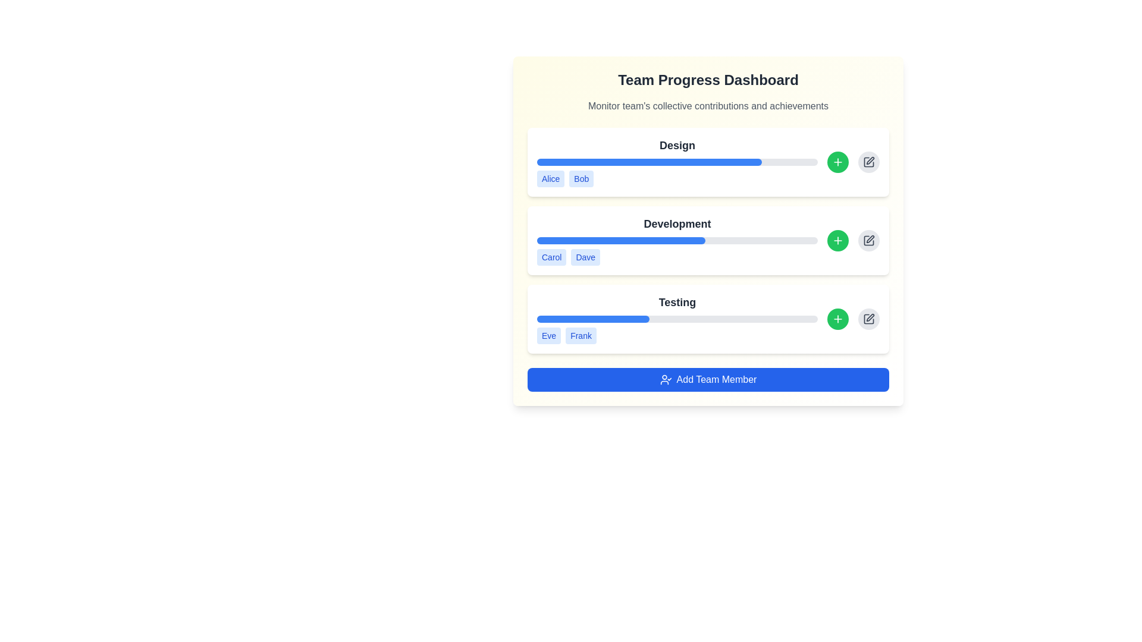 The image size is (1142, 642). Describe the element at coordinates (870, 160) in the screenshot. I see `the edit icon (pen-shaped vector graphic) located` at that location.